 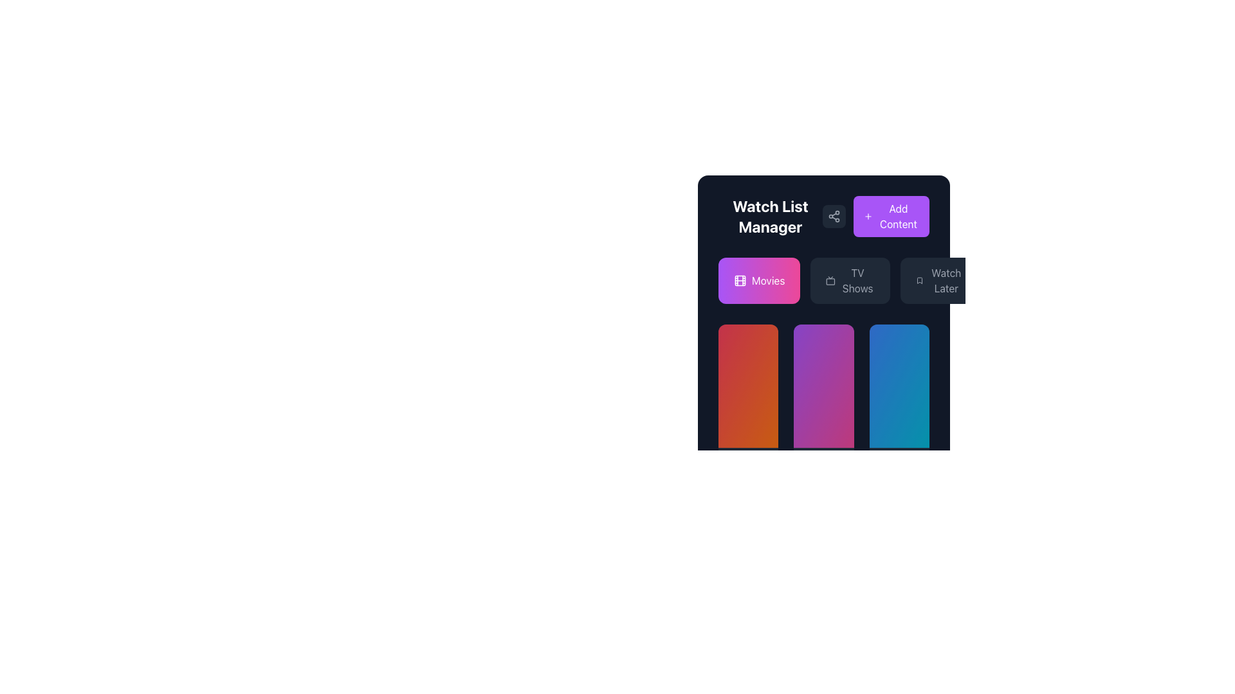 I want to click on the 'Watch Later' button, which is the third button in a horizontal group of options, featuring a dark gray background and a white text label with a bookmark icon, so click(x=940, y=280).